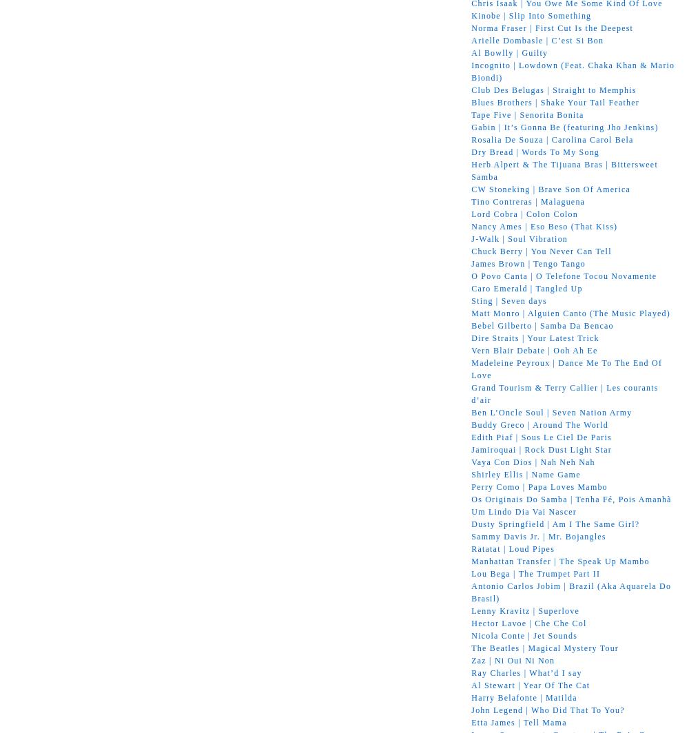  What do you see at coordinates (471, 709) in the screenshot?
I see `'John Legend | Who Did That To You?'` at bounding box center [471, 709].